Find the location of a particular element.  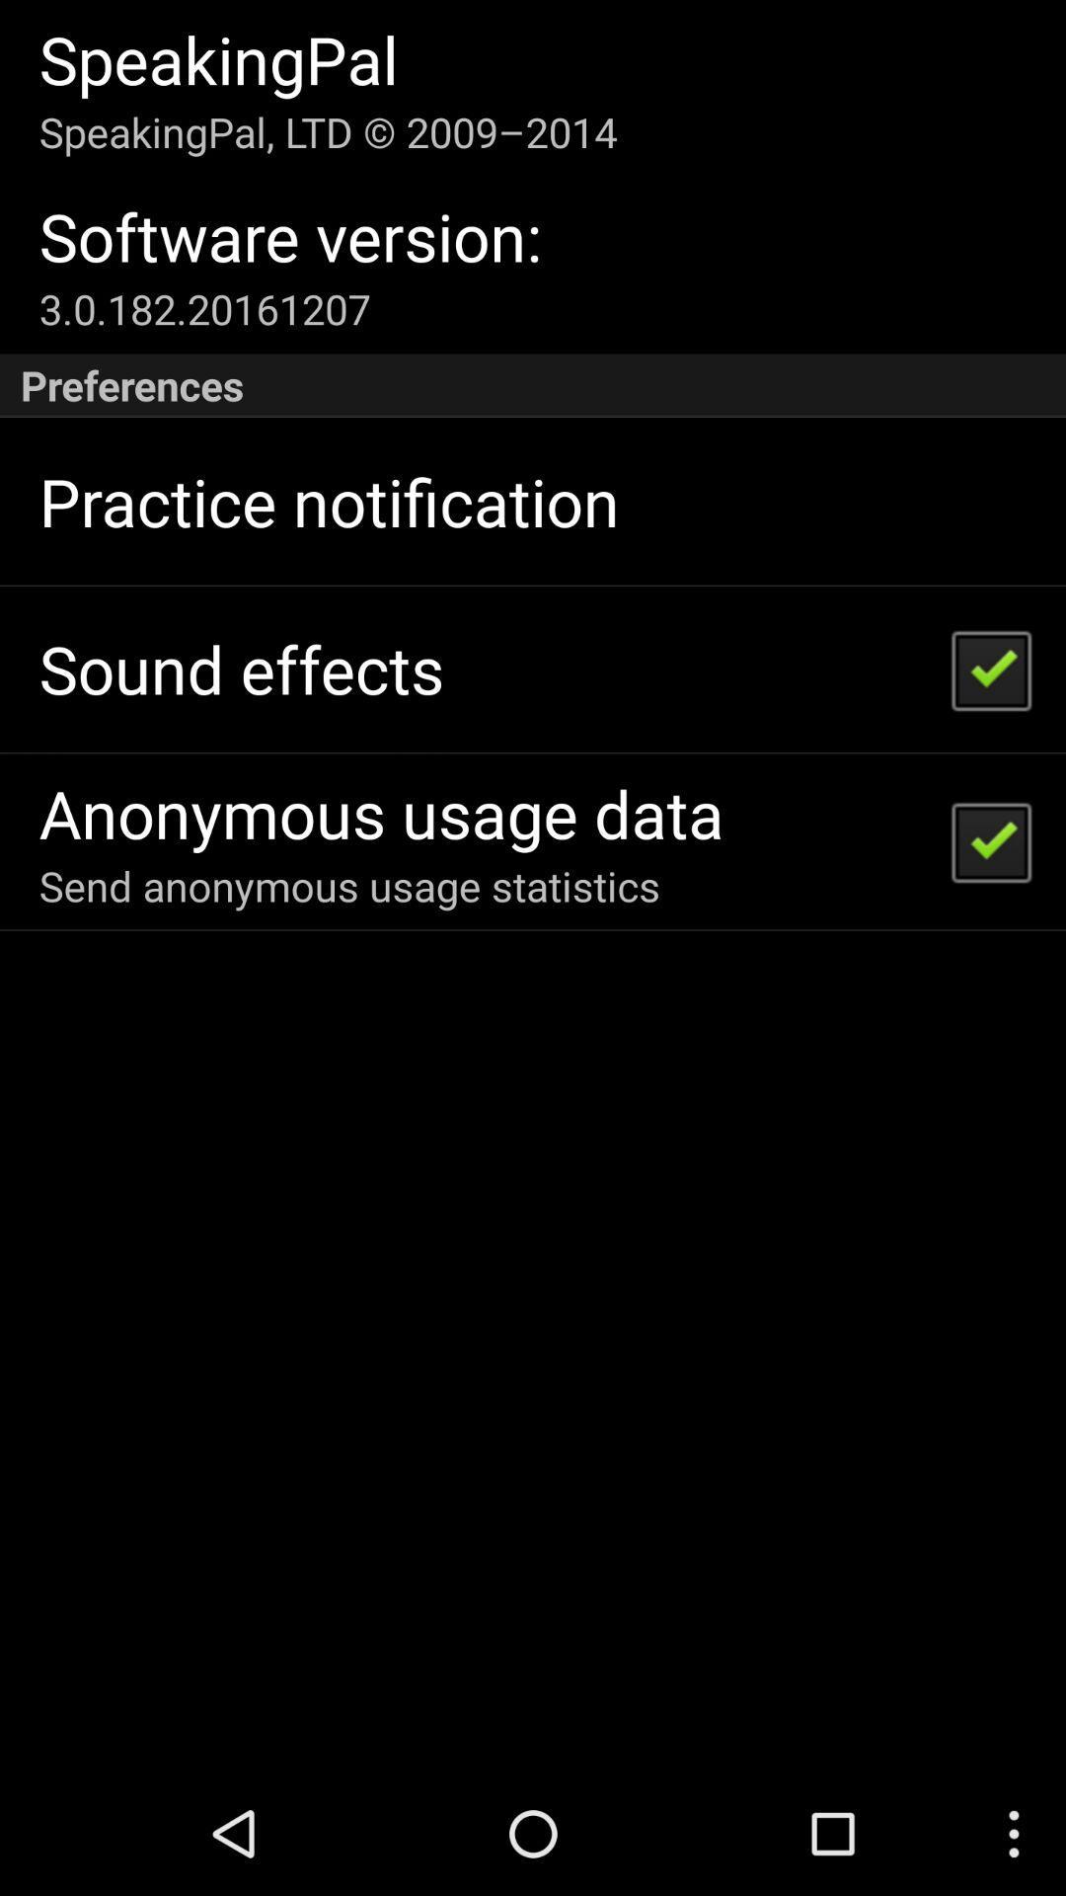

software version: app is located at coordinates (290, 236).